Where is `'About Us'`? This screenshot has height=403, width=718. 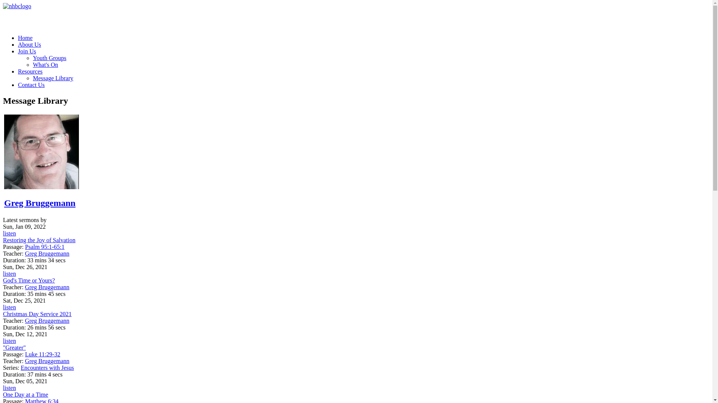
'About Us' is located at coordinates (29, 44).